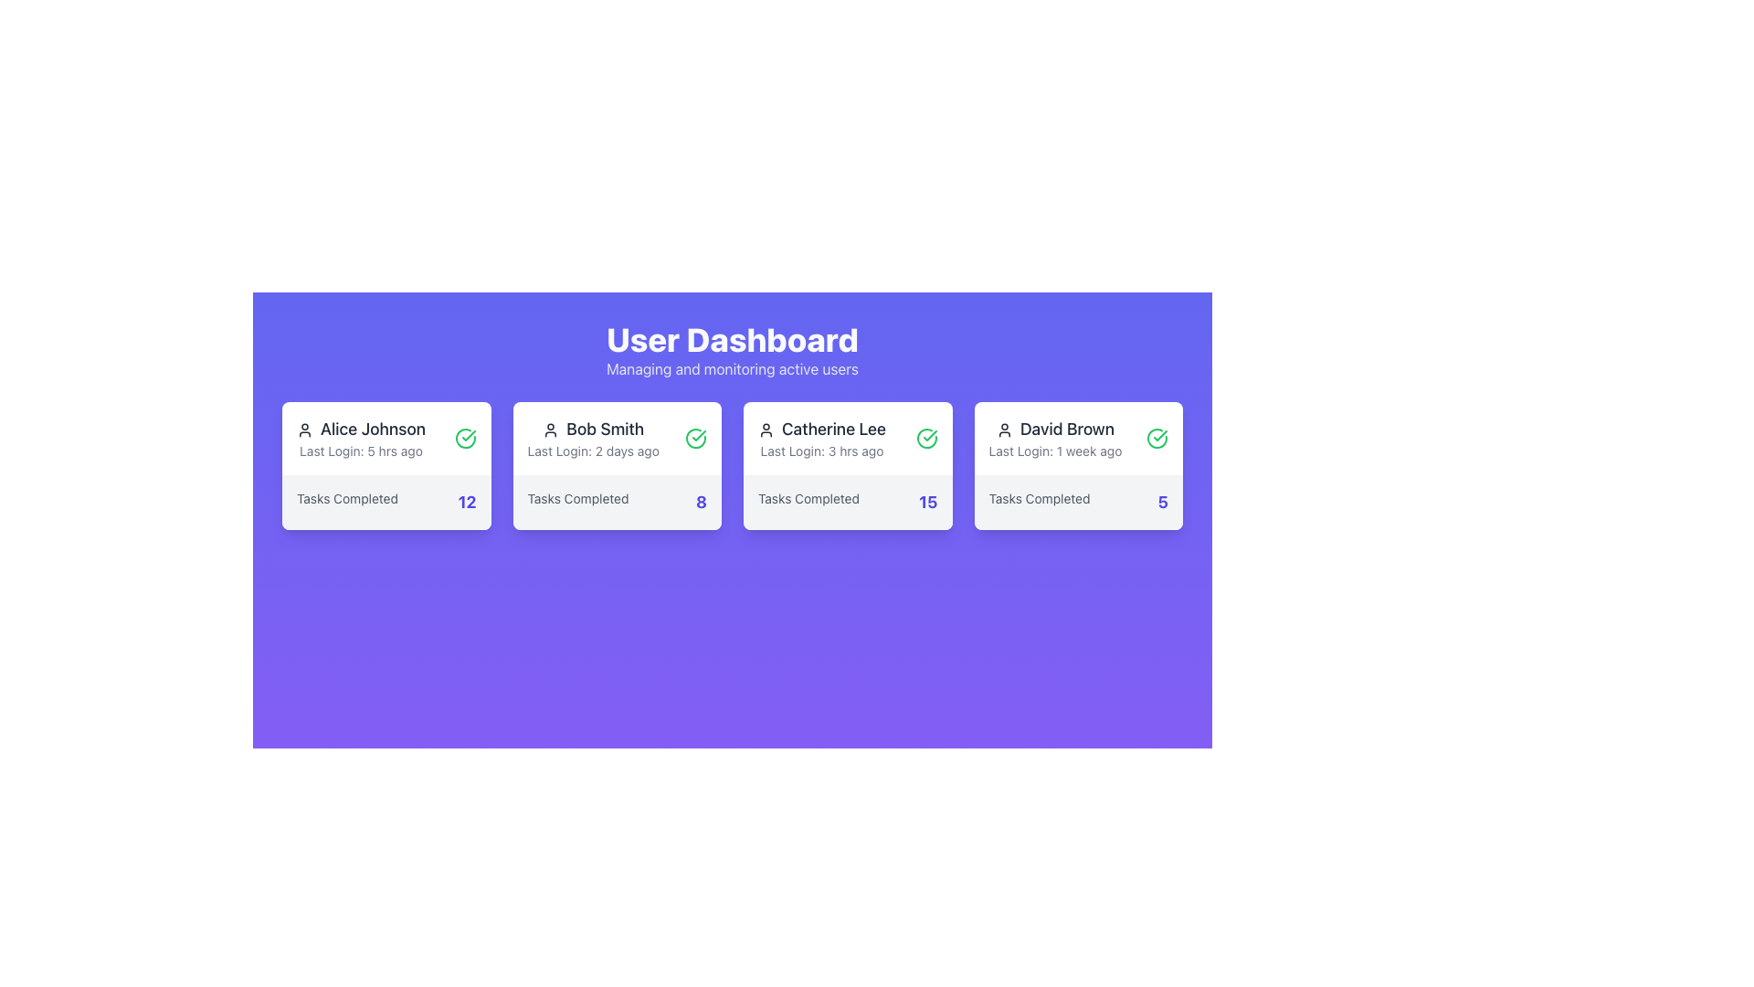 Image resolution: width=1754 pixels, height=987 pixels. I want to click on the green circular icon with an outlined checkmark inside, located in the top-right corner of the card for 'David Brown', so click(1157, 438).